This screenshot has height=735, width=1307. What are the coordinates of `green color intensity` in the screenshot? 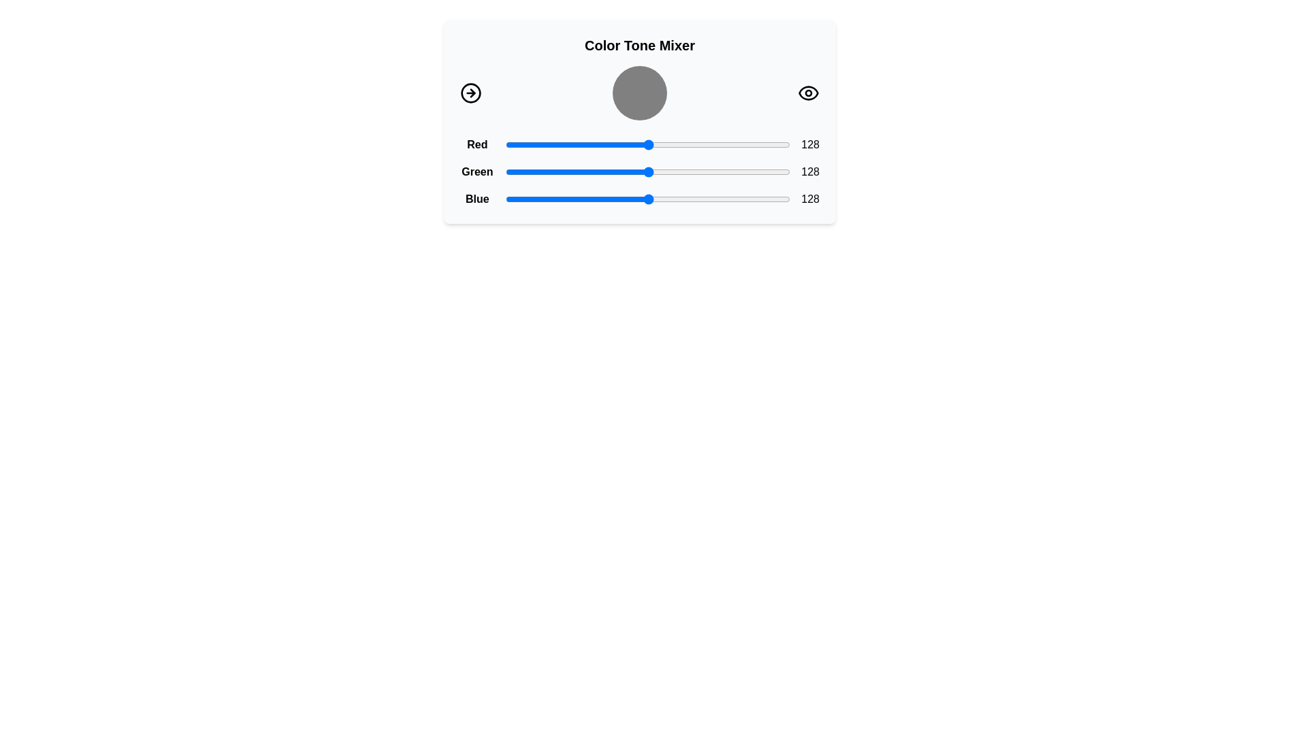 It's located at (760, 171).